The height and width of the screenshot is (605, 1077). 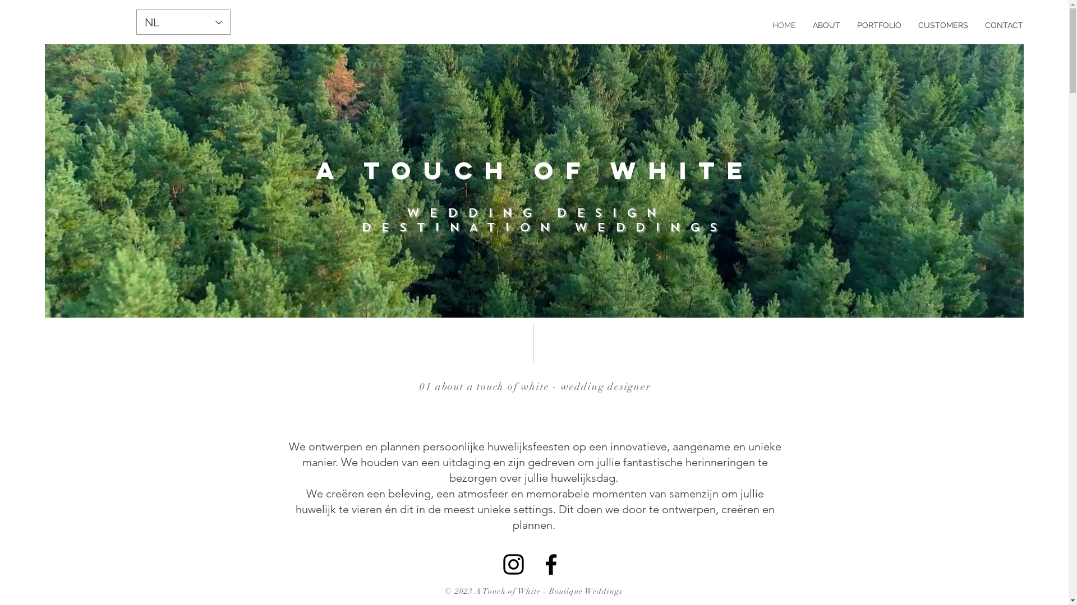 What do you see at coordinates (783, 25) in the screenshot?
I see `'HOME'` at bounding box center [783, 25].